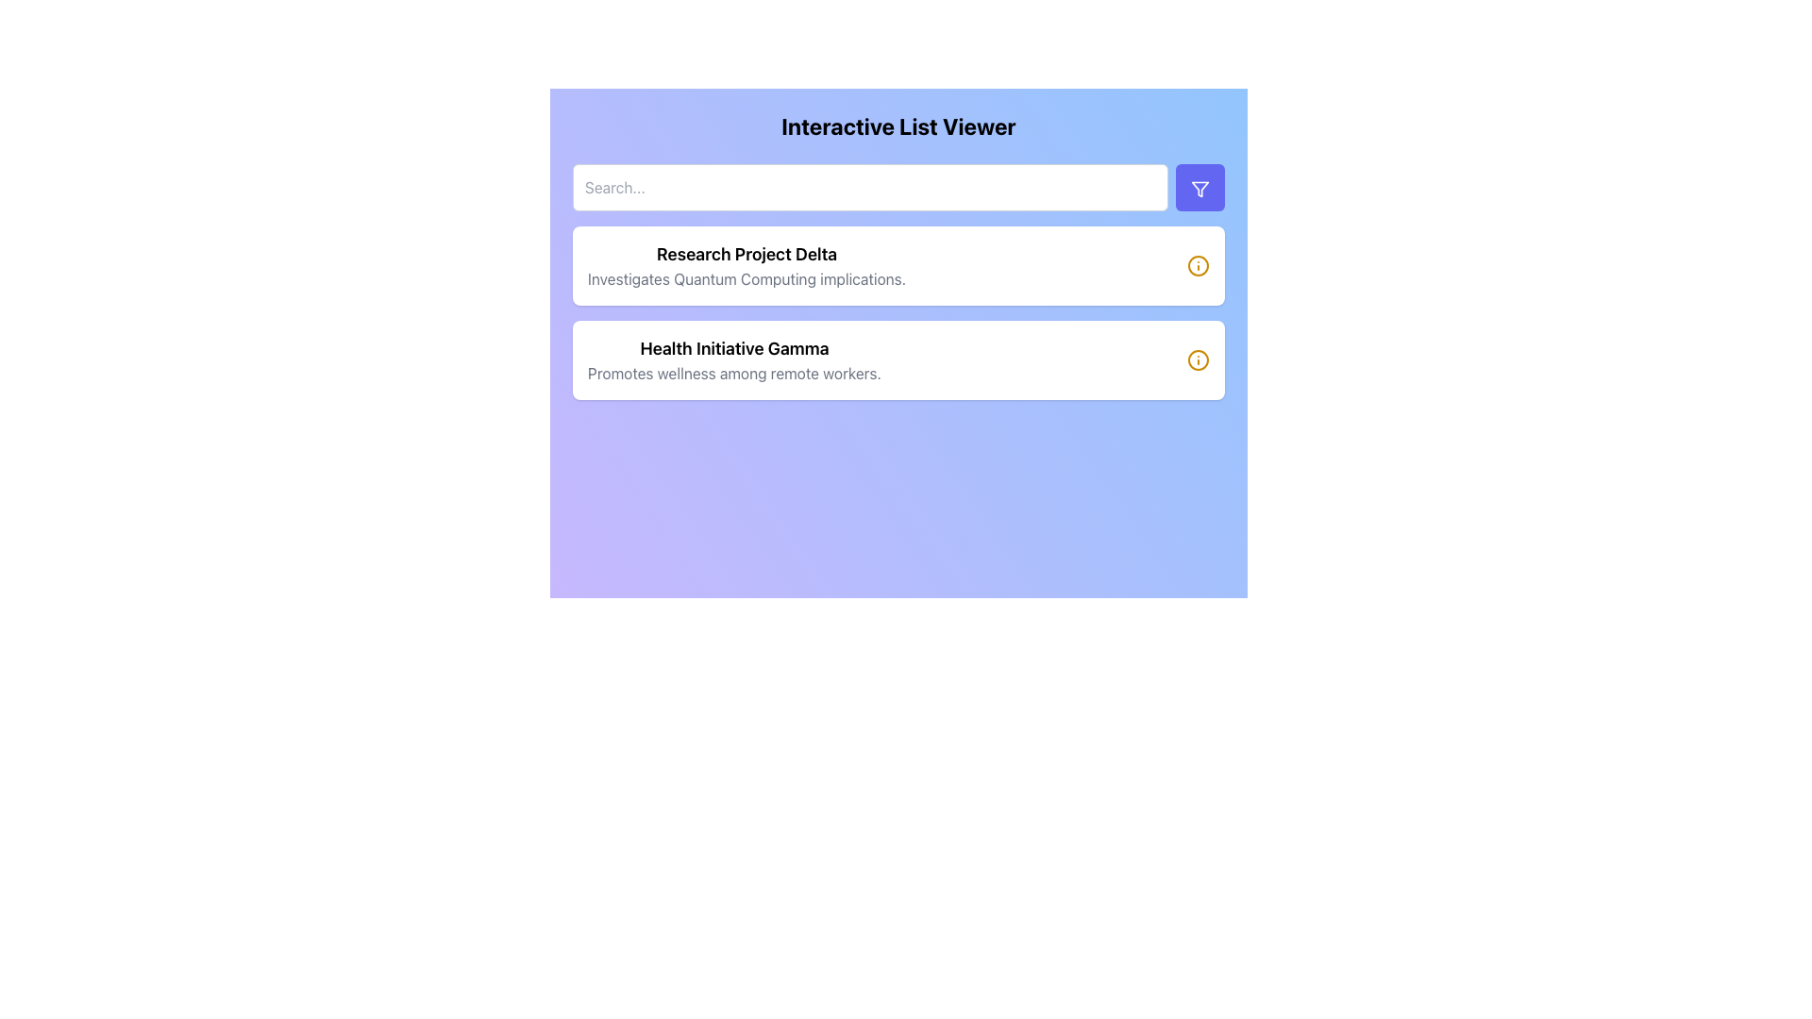  I want to click on the icon button shaped like an outlined circle with a dot centered within it, which is styled in yellow and is located to the far right within the 'Research Project Delta' card, so click(1198, 265).